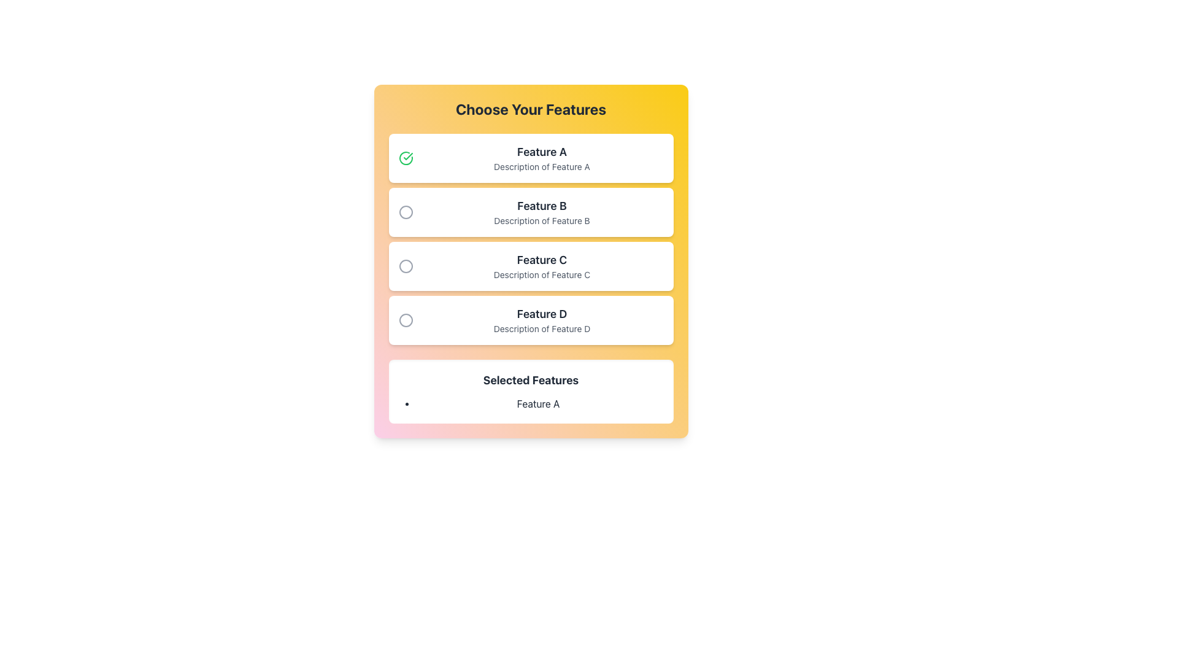 This screenshot has height=663, width=1178. What do you see at coordinates (406, 266) in the screenshot?
I see `the RadioButton for 'Feature C'` at bounding box center [406, 266].